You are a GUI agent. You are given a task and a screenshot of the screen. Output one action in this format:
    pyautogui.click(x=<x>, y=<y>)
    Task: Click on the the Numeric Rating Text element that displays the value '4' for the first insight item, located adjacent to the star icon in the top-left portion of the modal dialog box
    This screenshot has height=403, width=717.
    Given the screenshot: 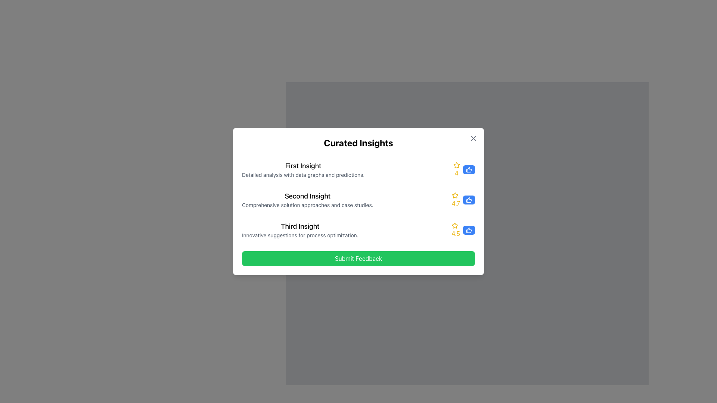 What is the action you would take?
    pyautogui.click(x=456, y=170)
    